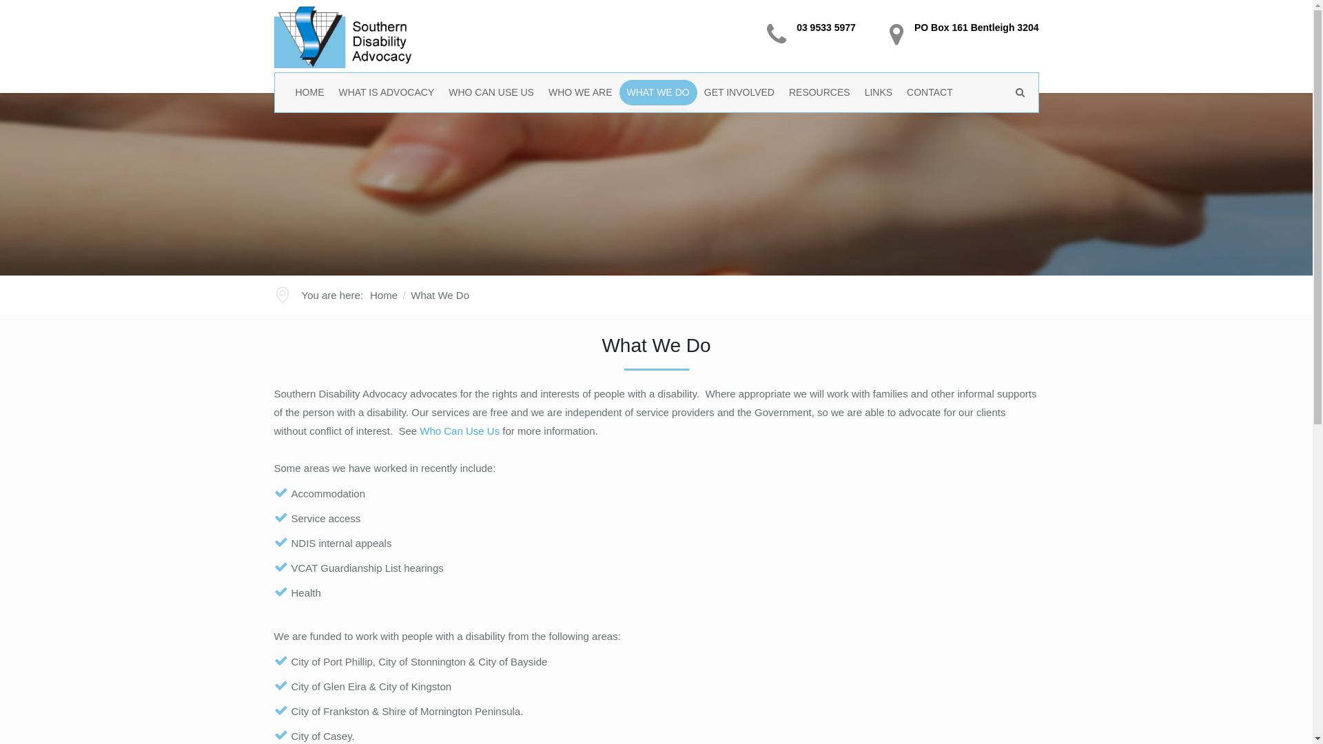 The image size is (1323, 744). What do you see at coordinates (386, 92) in the screenshot?
I see `'WHAT IS ADVOCACY'` at bounding box center [386, 92].